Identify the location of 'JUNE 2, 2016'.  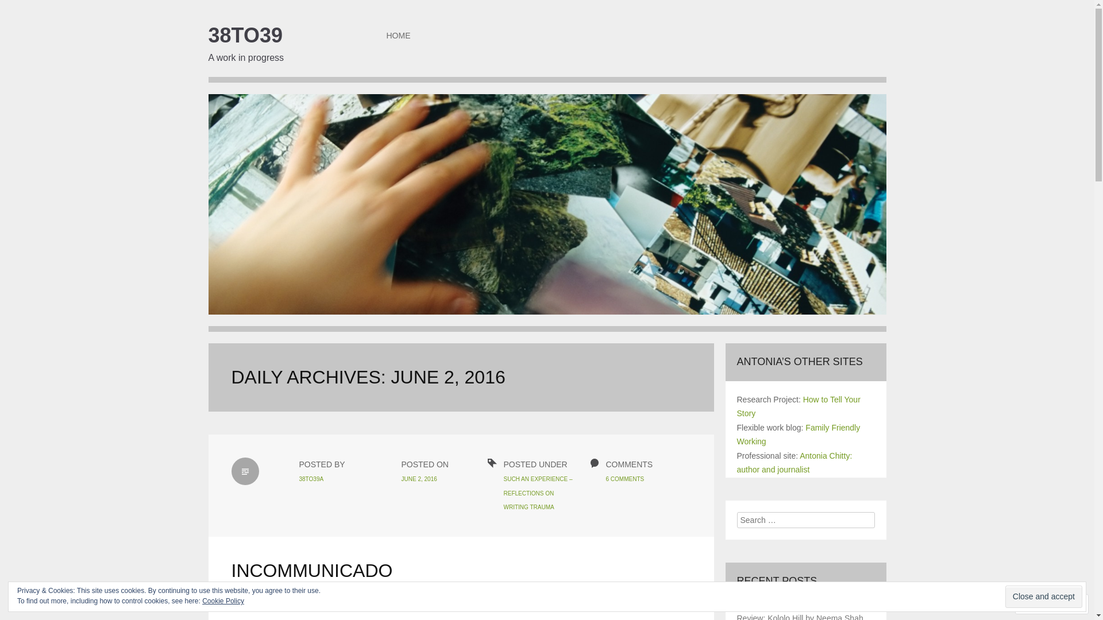
(418, 479).